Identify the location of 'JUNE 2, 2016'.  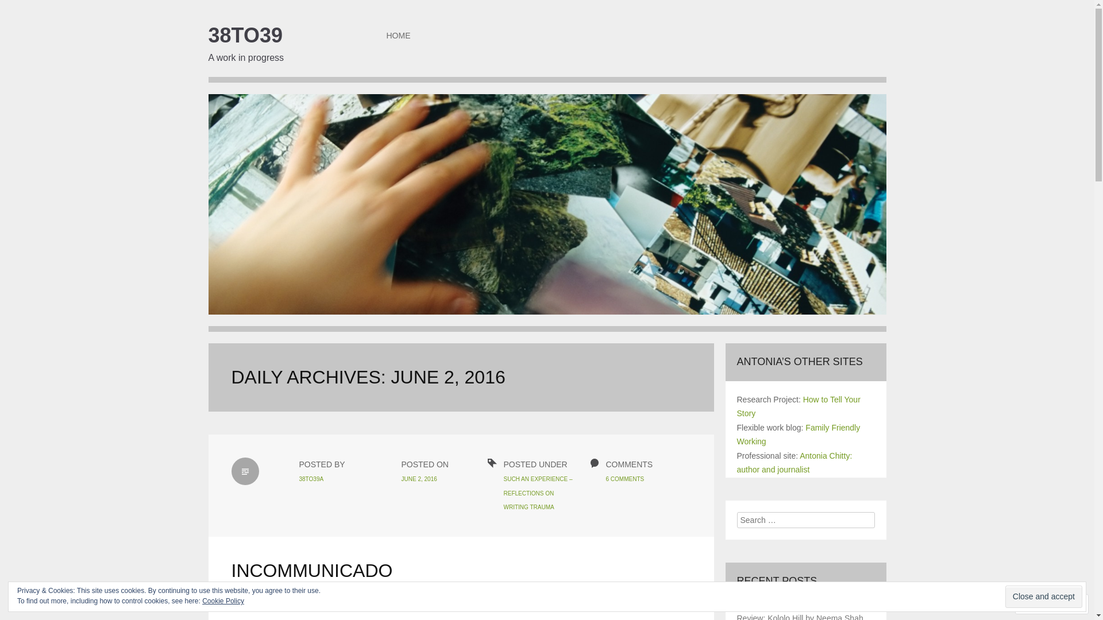
(418, 479).